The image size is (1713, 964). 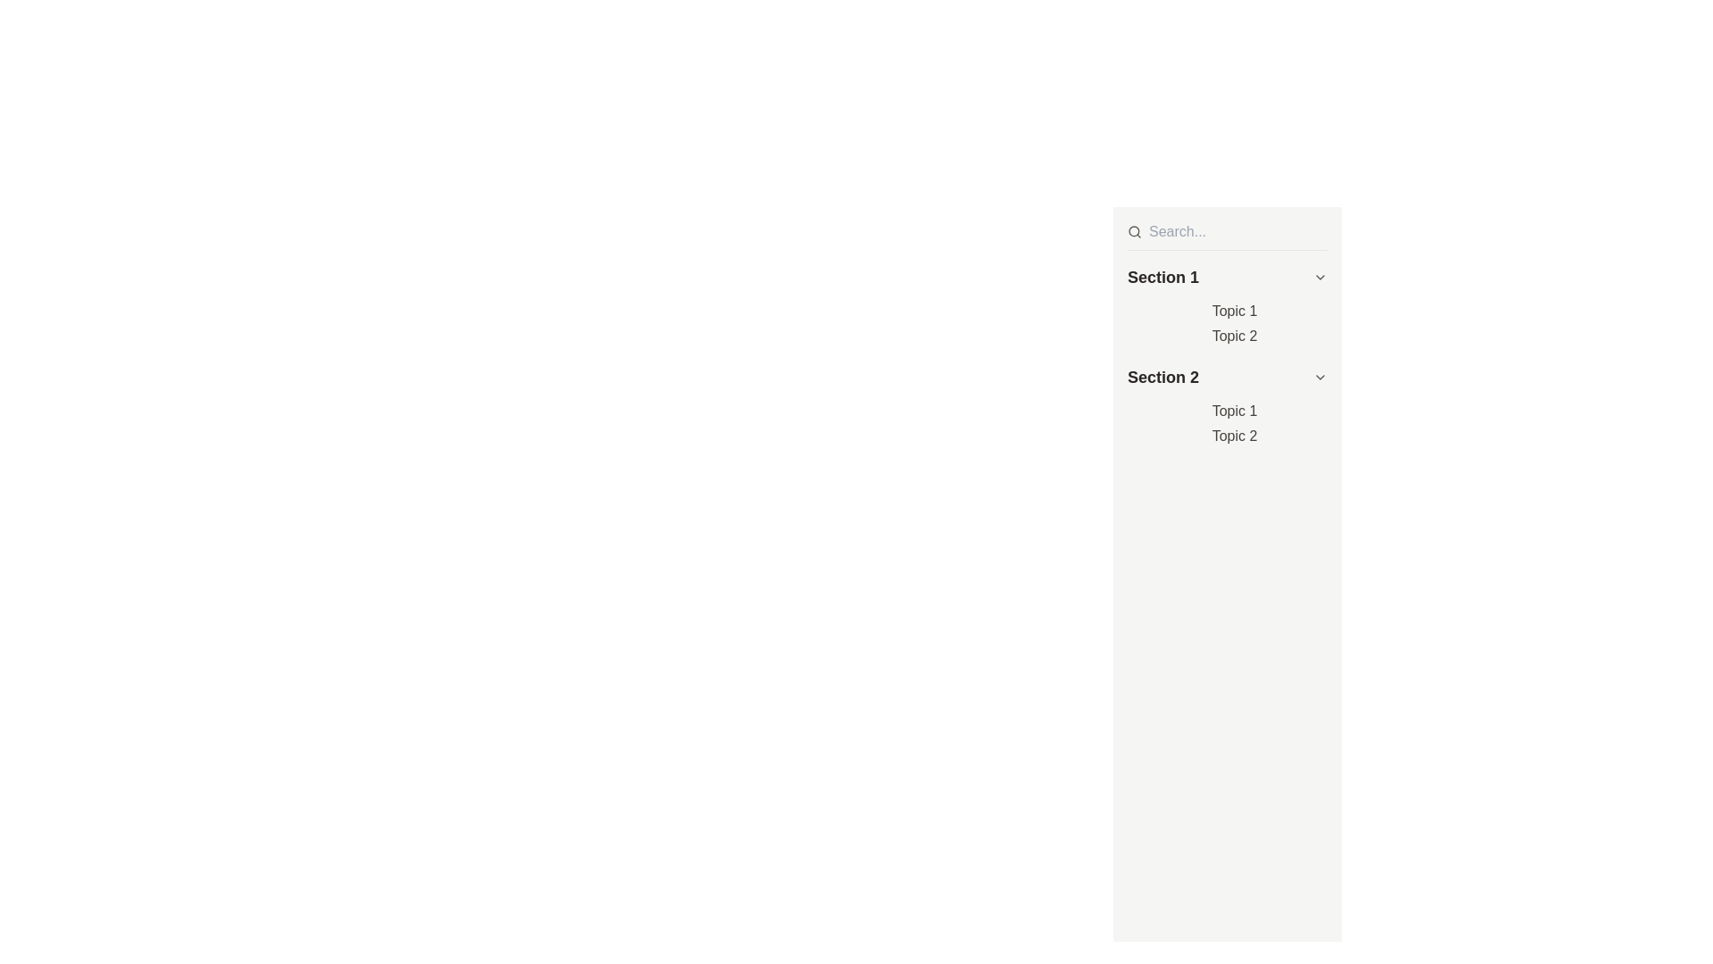 I want to click on the 'Topic 1' hyperlink located under Section 2 in the vertical navigation list, so click(x=1233, y=411).